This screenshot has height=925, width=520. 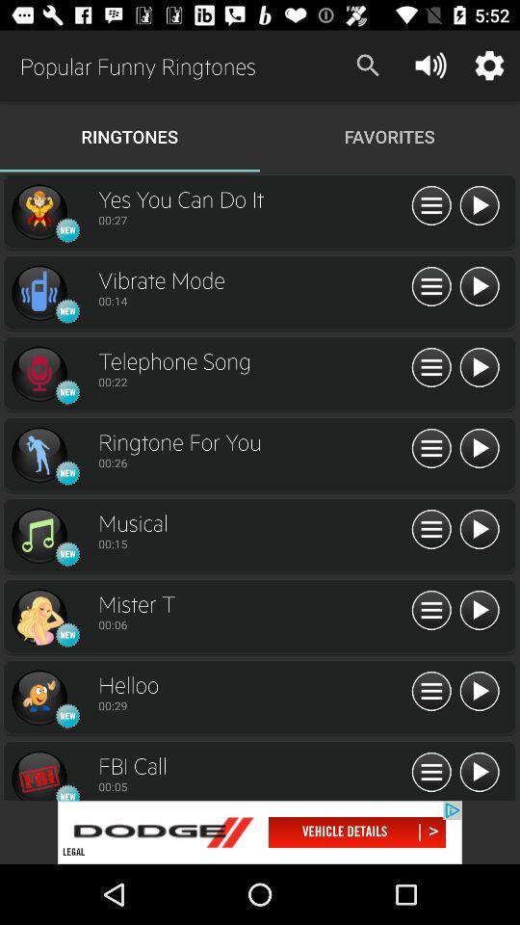 What do you see at coordinates (39, 775) in the screenshot?
I see `icon` at bounding box center [39, 775].